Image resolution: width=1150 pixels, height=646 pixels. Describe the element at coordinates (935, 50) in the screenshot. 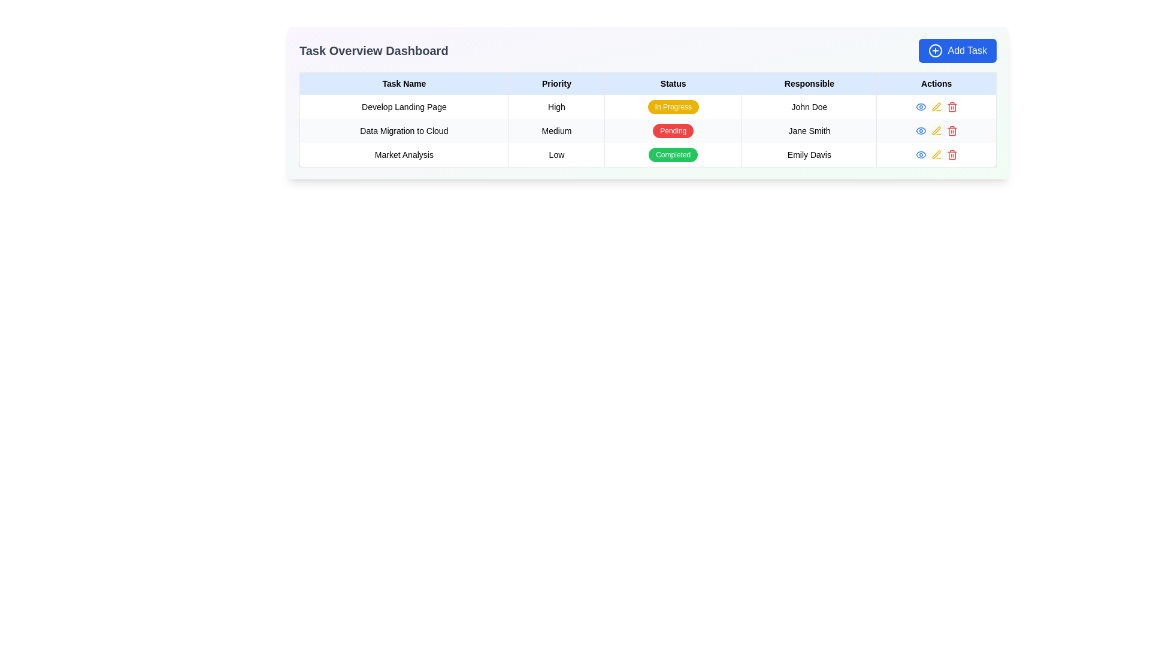

I see `the circular blue icon with a '+' sign located to the left of the 'Add Task' text` at that location.